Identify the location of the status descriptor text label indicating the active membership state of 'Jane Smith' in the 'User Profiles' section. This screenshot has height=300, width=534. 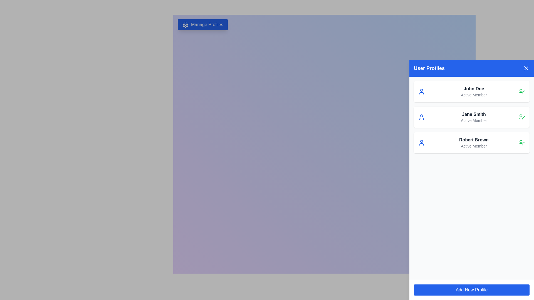
(474, 120).